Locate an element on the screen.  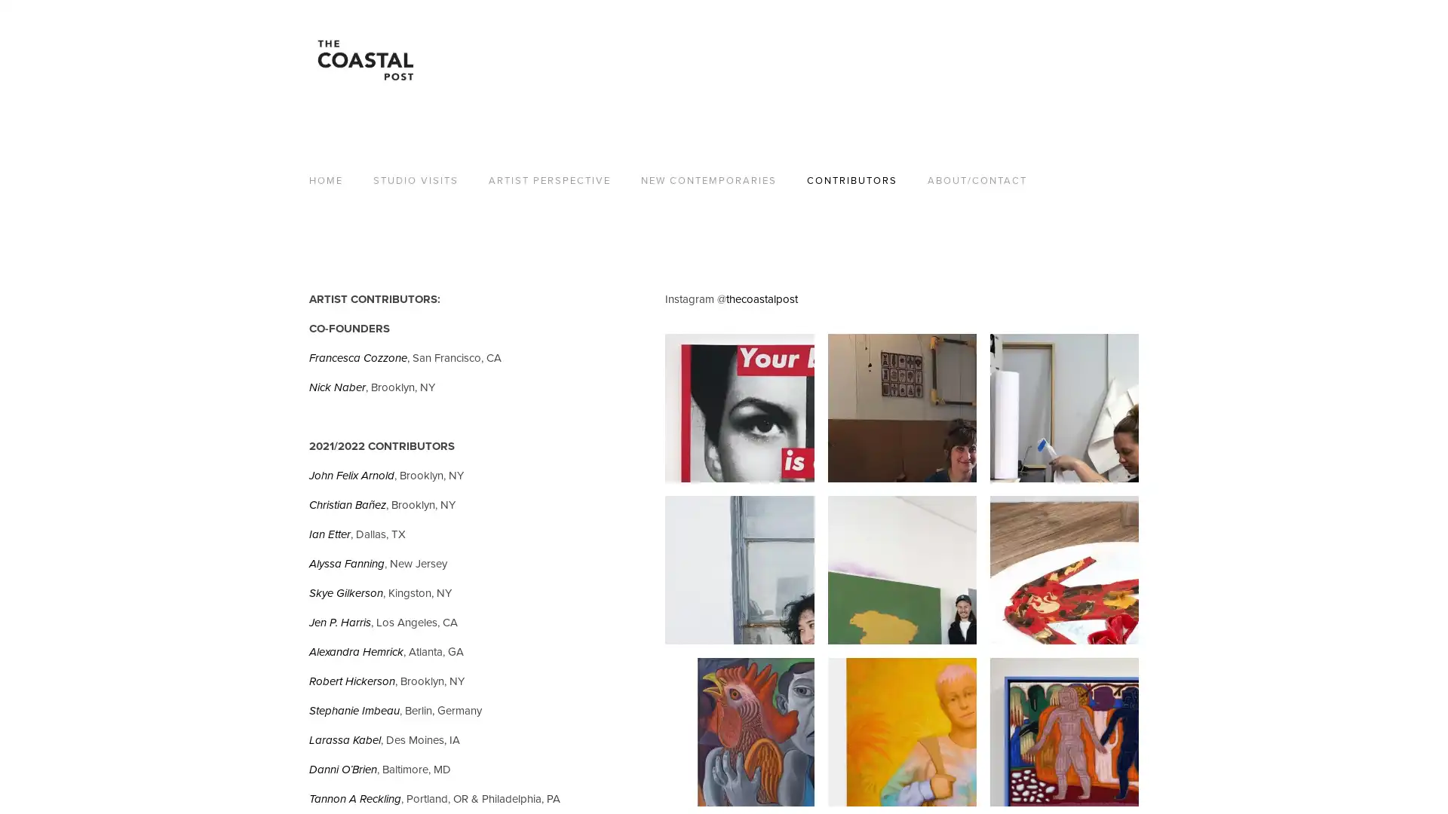
View fullsize Studio Visit Alum, Paul Booth has a solo exhibition &ldquo;Two by Two,&rdquo; opens tonight at Duane Thomas Gallery (5/19; 6-8PM). It&rsquo;s also Paul&rsquo;s Birthday   the exhibition is up through June 19th @paulboothnyc @duanethomasgallery #p is located at coordinates (739, 731).